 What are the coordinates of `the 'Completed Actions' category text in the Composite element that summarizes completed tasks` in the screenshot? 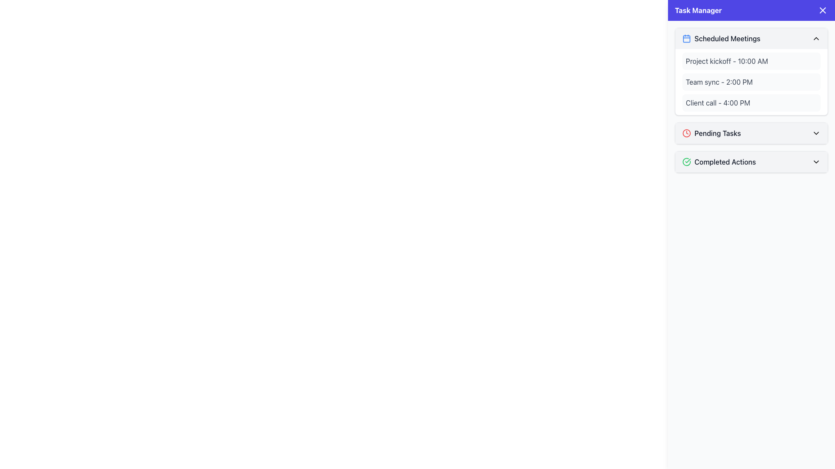 It's located at (719, 162).